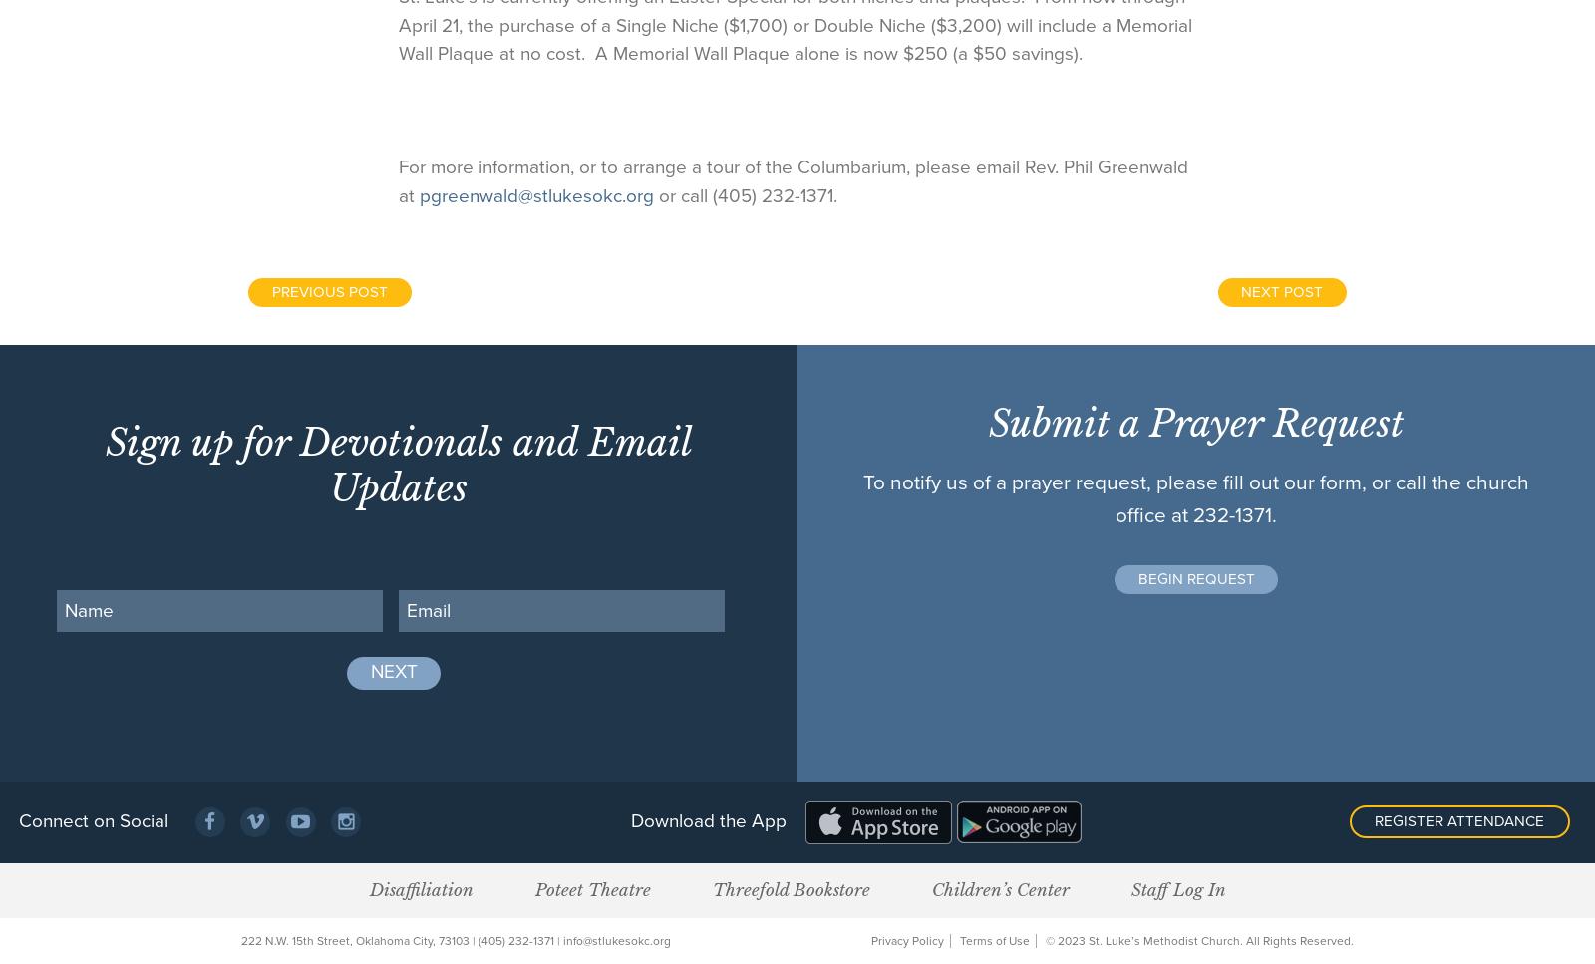 The image size is (1595, 964). What do you see at coordinates (906, 939) in the screenshot?
I see `'Privacy Policy'` at bounding box center [906, 939].